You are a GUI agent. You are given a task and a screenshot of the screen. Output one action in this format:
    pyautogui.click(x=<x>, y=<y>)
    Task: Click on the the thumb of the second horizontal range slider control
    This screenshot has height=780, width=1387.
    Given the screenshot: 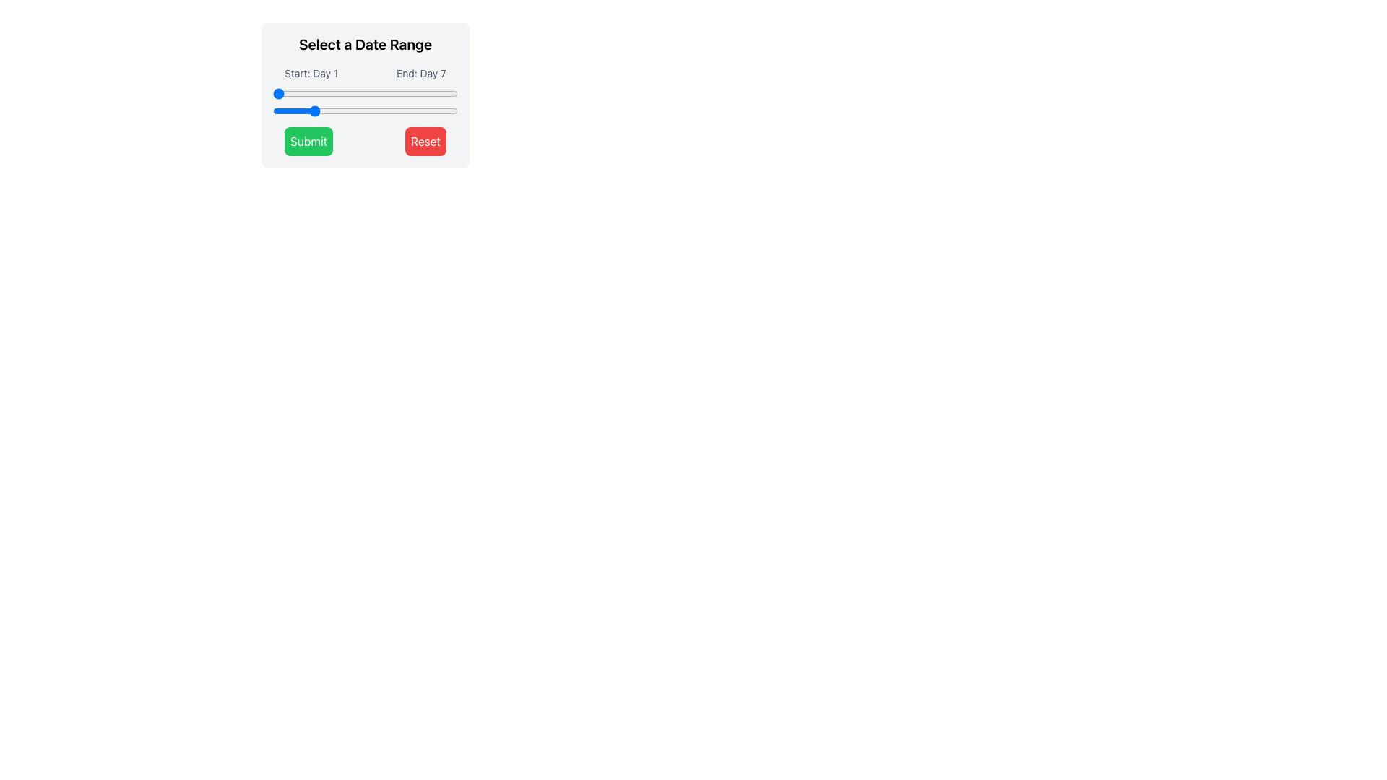 What is the action you would take?
    pyautogui.click(x=365, y=110)
    